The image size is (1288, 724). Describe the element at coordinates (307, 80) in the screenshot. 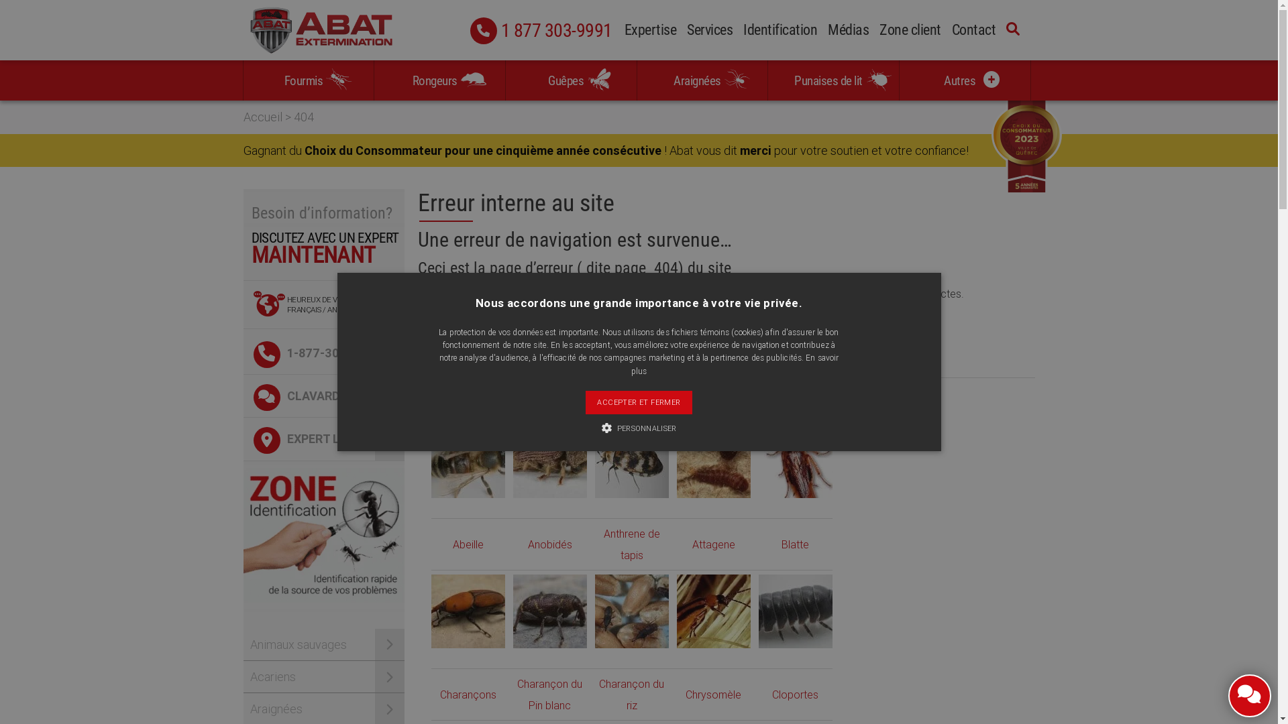

I see `'Fourmis'` at that location.